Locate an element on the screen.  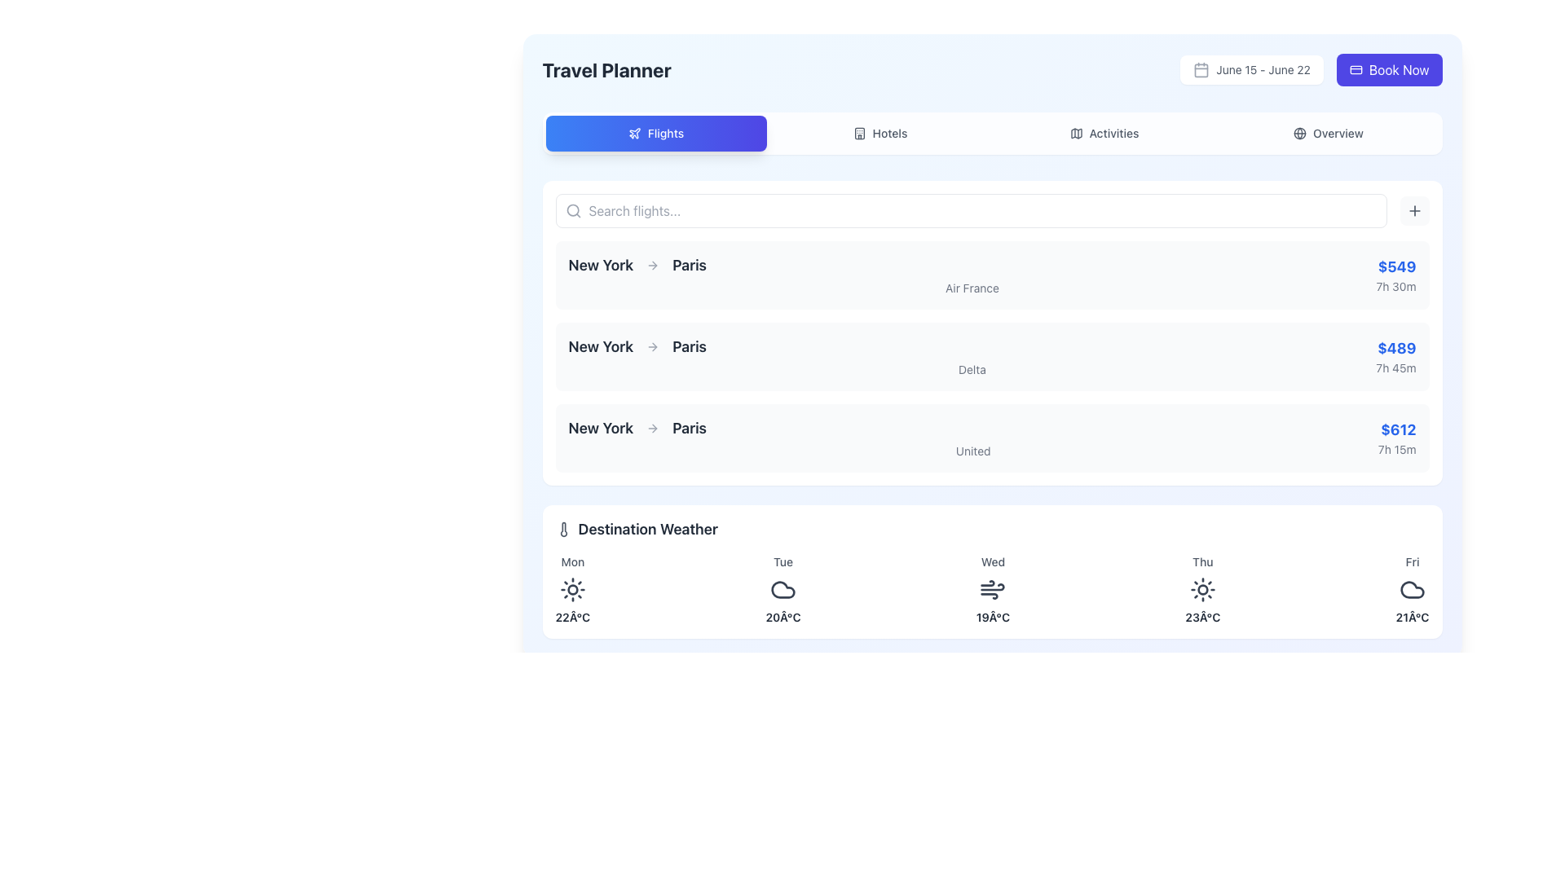
the visual portion of the calendar icon located in the top-right area of the interface, near the 'Book Now' button is located at coordinates (1201, 69).